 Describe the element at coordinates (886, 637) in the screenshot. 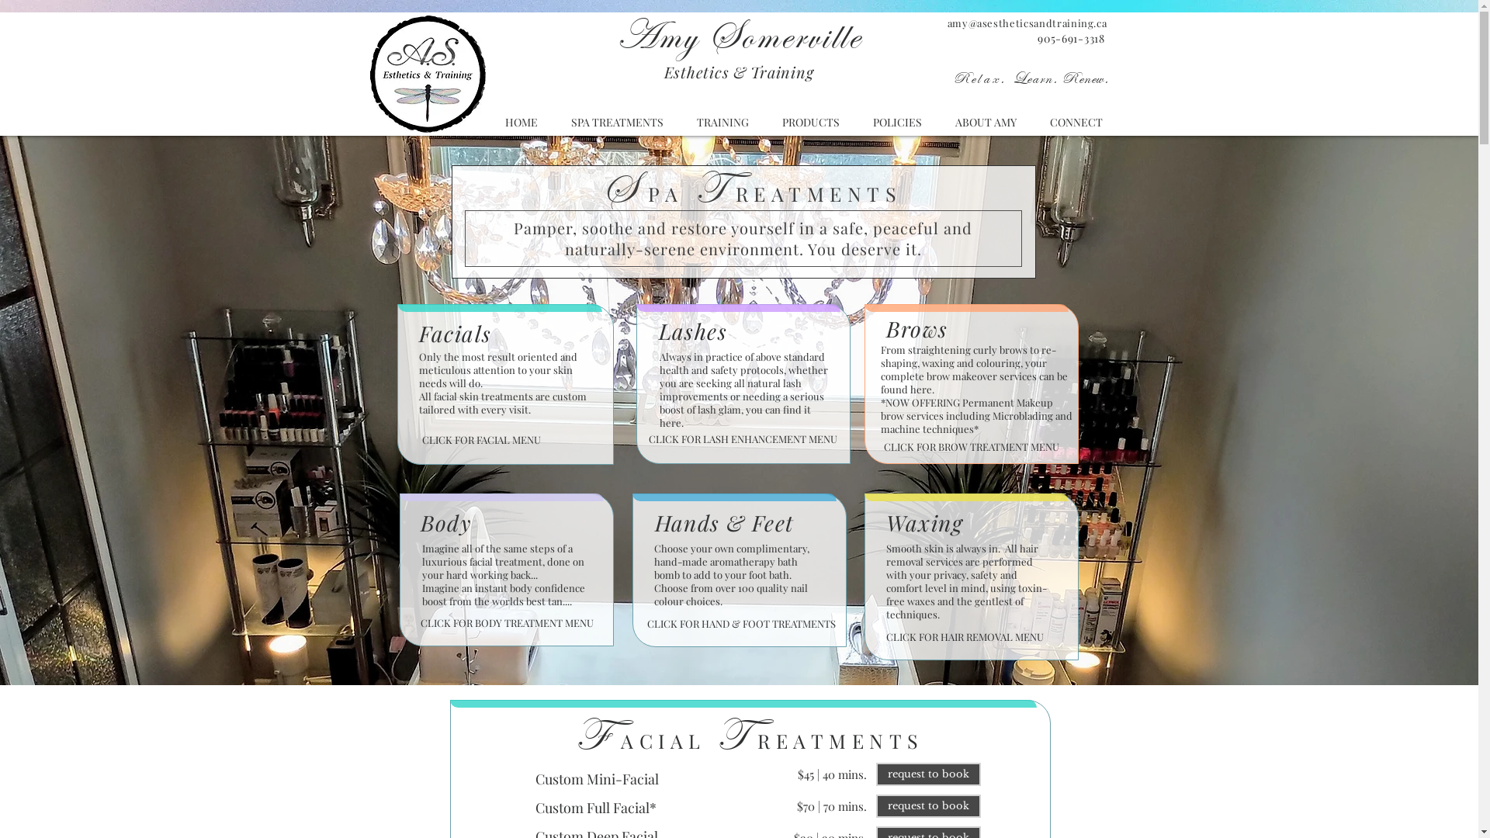

I see `'CLICK FOR HAIR REMOVAL MENU'` at that location.